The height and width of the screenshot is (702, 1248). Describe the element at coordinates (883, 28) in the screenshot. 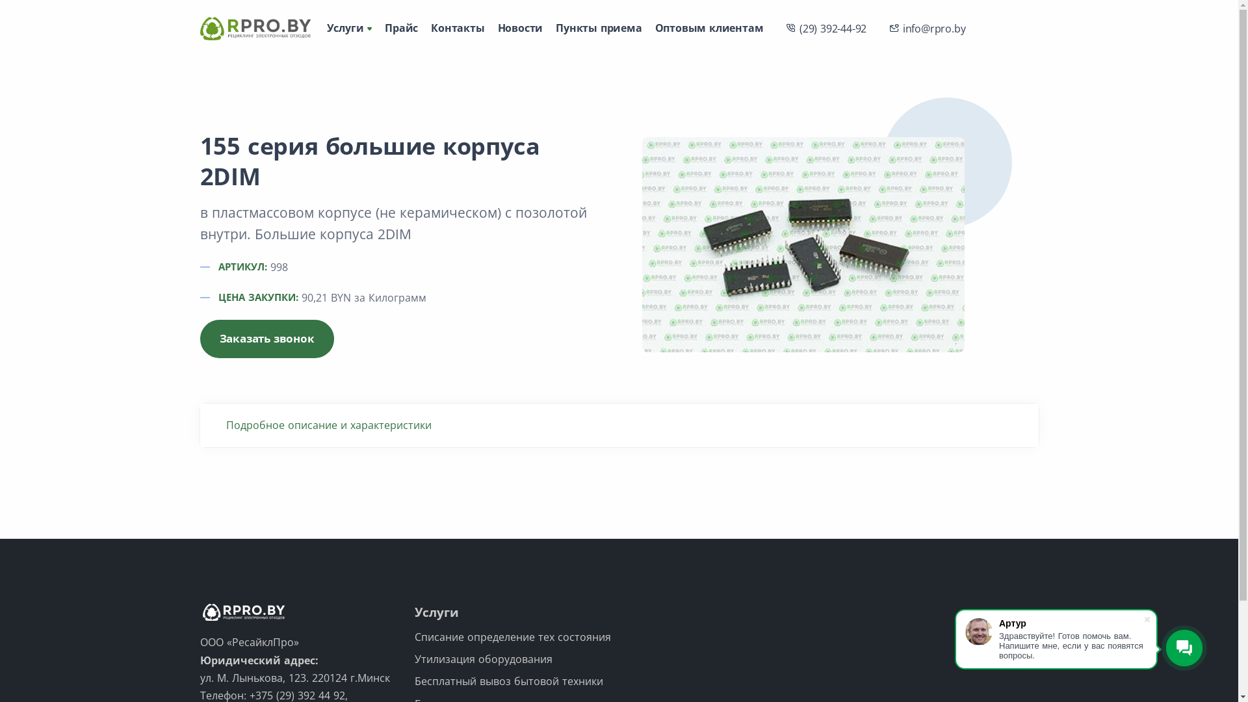

I see `'info@rpro.by'` at that location.